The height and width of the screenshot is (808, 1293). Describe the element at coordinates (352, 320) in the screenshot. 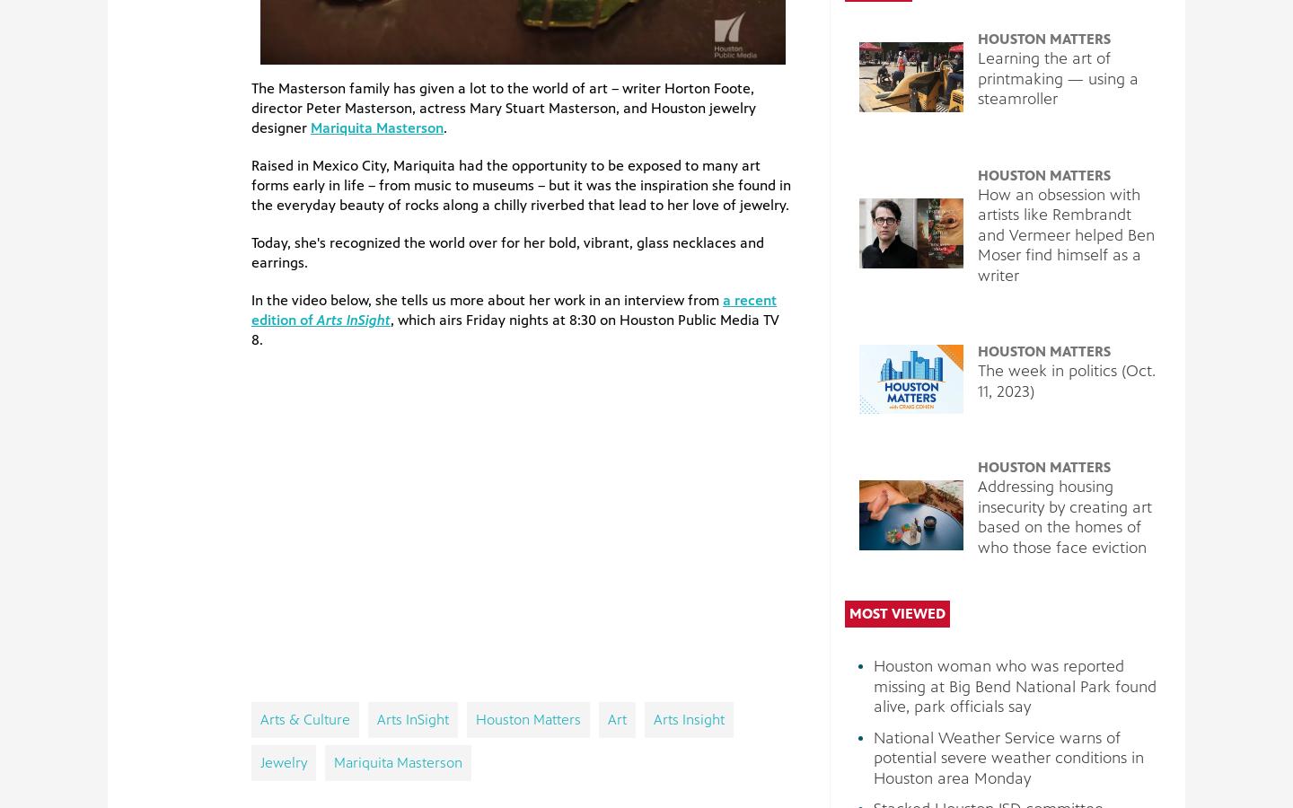

I see `'Arts InSight'` at that location.